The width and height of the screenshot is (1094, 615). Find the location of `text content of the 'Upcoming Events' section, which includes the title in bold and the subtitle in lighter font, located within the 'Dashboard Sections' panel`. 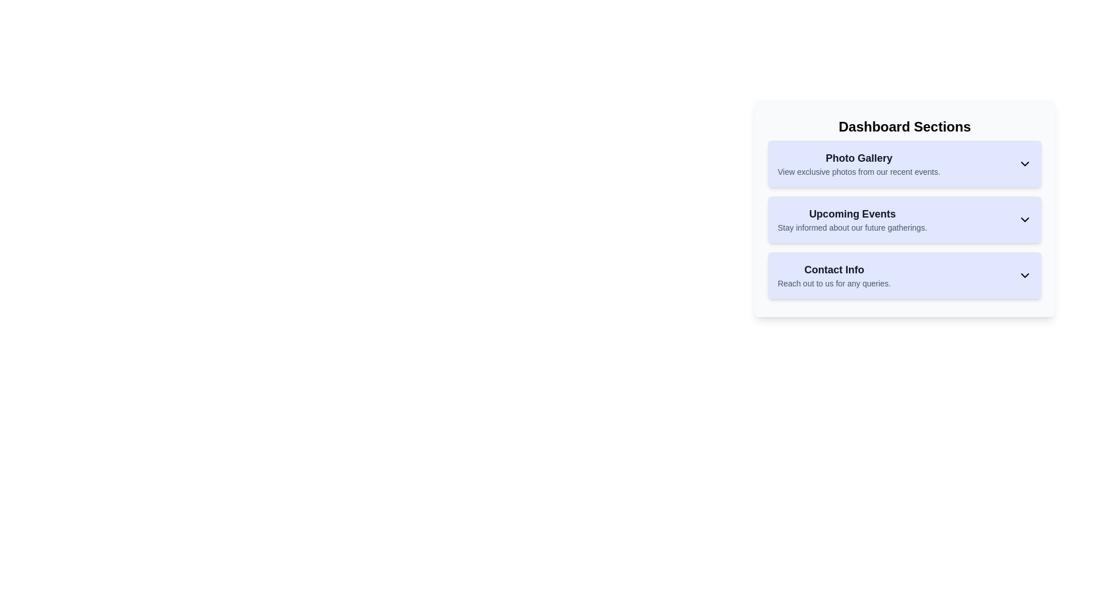

text content of the 'Upcoming Events' section, which includes the title in bold and the subtitle in lighter font, located within the 'Dashboard Sections' panel is located at coordinates (852, 219).